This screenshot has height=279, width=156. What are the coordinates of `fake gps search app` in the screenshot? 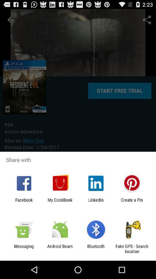 It's located at (132, 248).